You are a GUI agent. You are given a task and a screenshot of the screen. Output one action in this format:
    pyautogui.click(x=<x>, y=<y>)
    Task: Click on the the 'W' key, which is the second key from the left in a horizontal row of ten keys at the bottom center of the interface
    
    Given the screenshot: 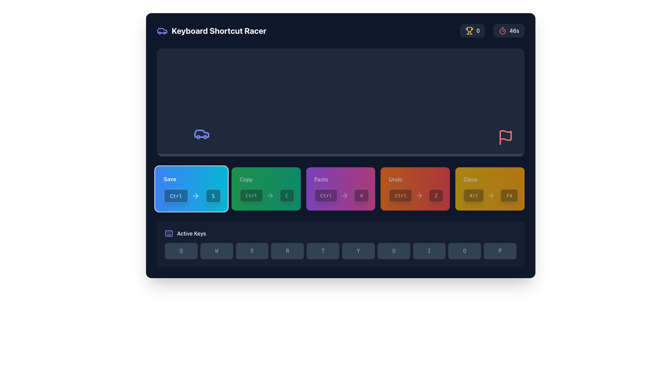 What is the action you would take?
    pyautogui.click(x=217, y=251)
    